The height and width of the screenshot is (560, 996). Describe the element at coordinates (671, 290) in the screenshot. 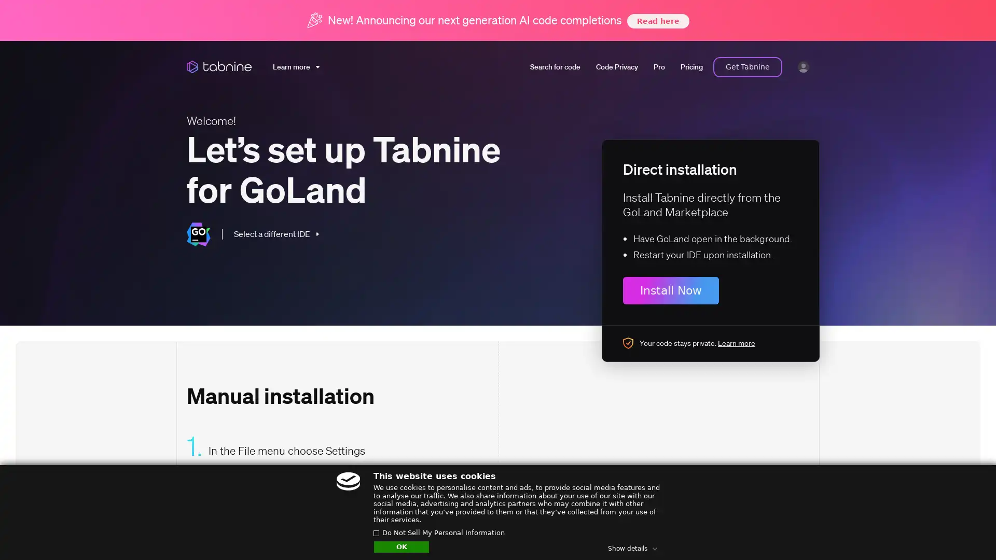

I see `Install Now` at that location.